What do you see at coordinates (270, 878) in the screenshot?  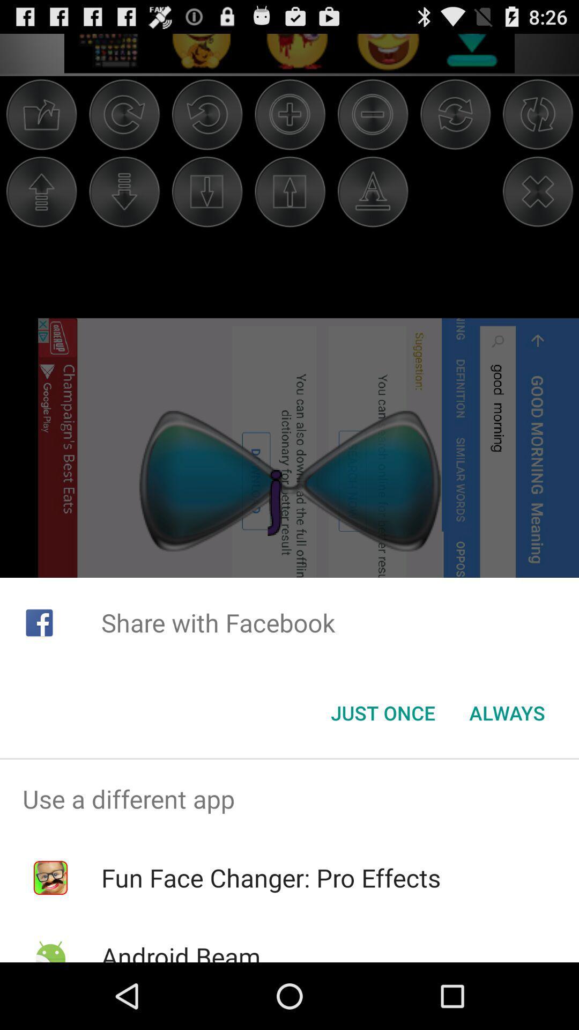 I see `fun face changer item` at bounding box center [270, 878].